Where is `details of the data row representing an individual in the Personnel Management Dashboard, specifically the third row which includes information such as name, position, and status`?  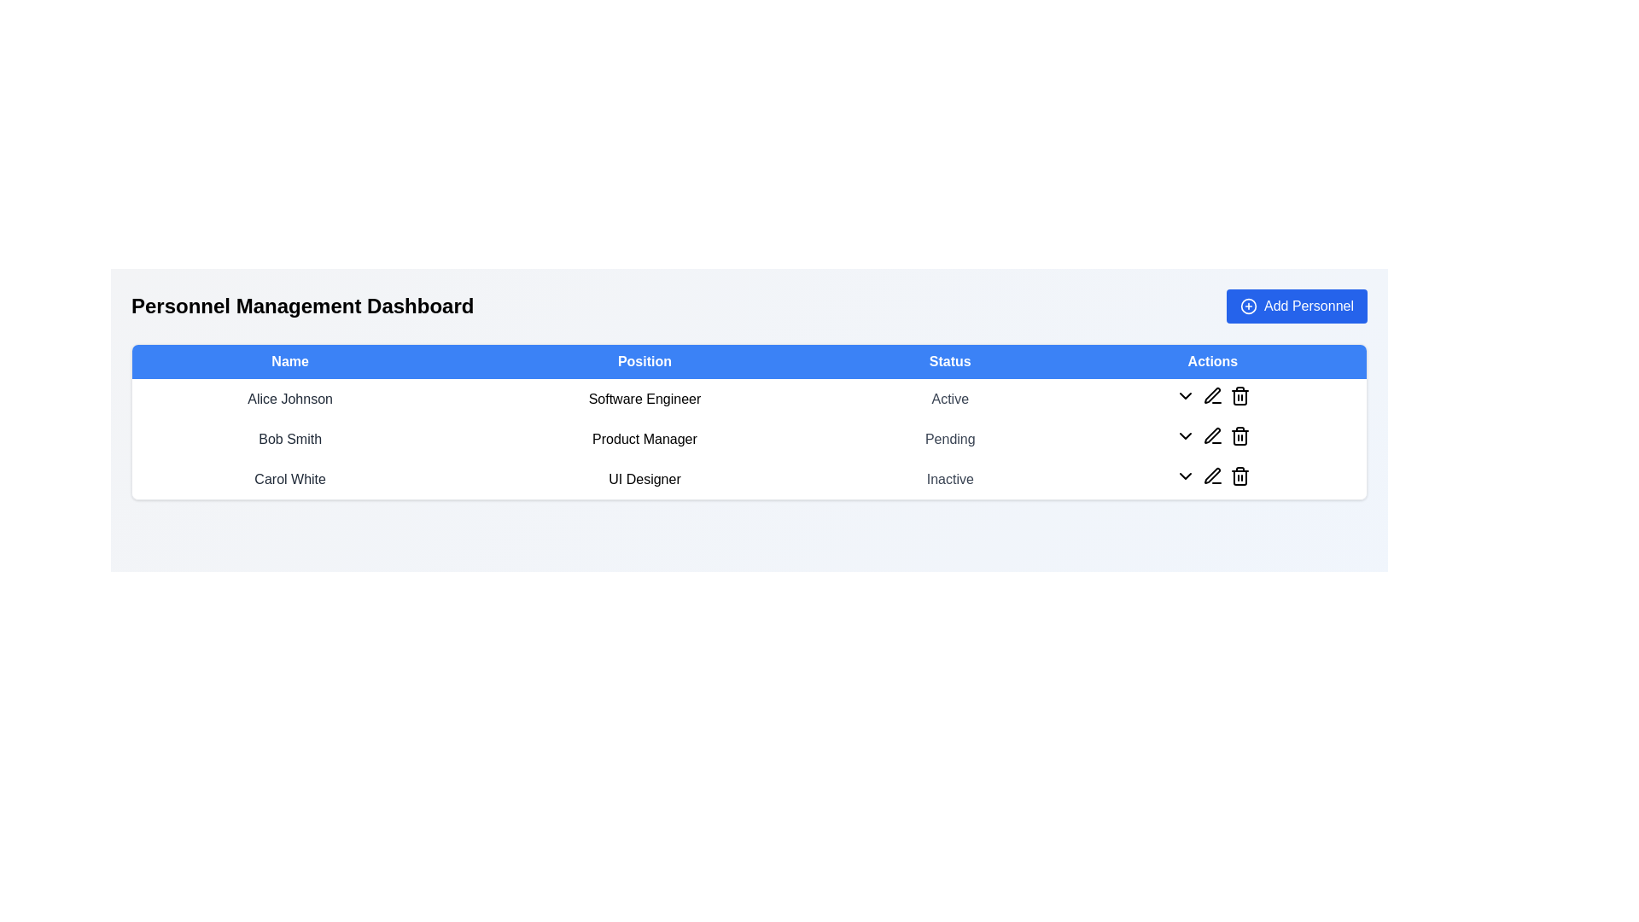 details of the data row representing an individual in the Personnel Management Dashboard, specifically the third row which includes information such as name, position, and status is located at coordinates (750, 478).